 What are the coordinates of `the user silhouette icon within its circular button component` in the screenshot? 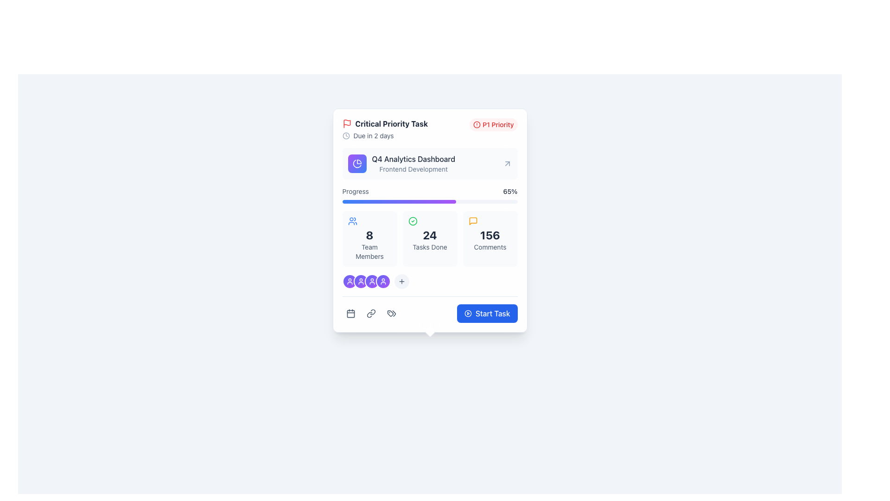 It's located at (349, 281).